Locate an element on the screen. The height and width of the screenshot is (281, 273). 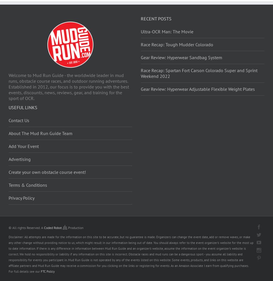
'Terms & Conditions' is located at coordinates (28, 185).